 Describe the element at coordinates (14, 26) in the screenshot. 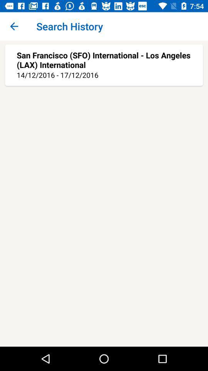

I see `icon to the left of search history app` at that location.